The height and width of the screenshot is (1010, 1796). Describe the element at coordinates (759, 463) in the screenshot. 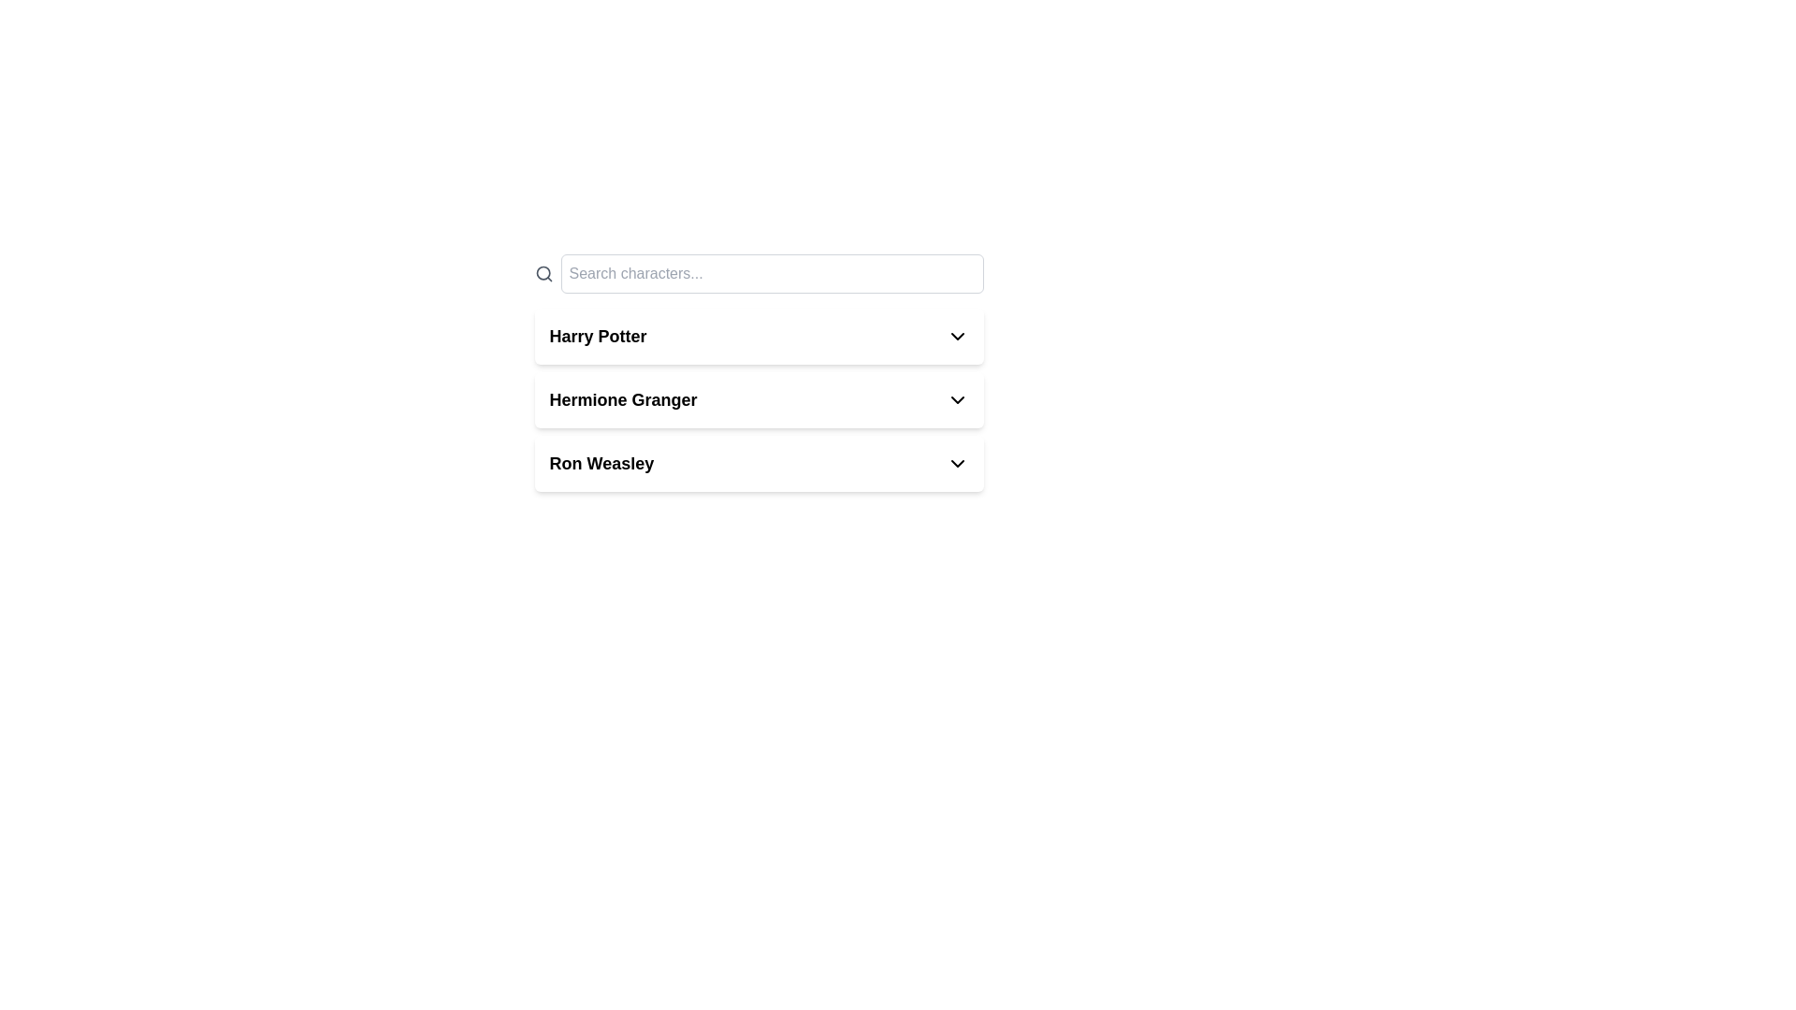

I see `the dropdown menu option labeled 'Ron Weasley', which is the third item in a list` at that location.